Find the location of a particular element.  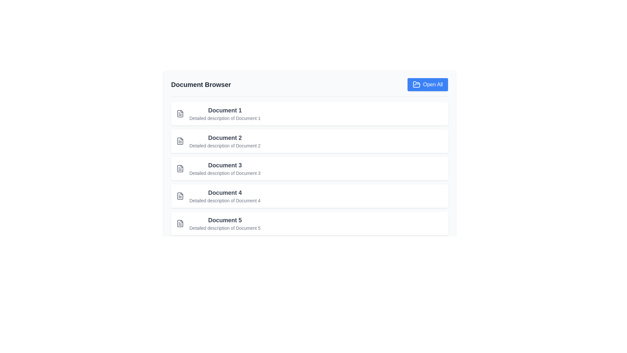

the textual display element representing 'Document 2' in the document list, which is centrally positioned below 'Document 1' is located at coordinates (225, 141).